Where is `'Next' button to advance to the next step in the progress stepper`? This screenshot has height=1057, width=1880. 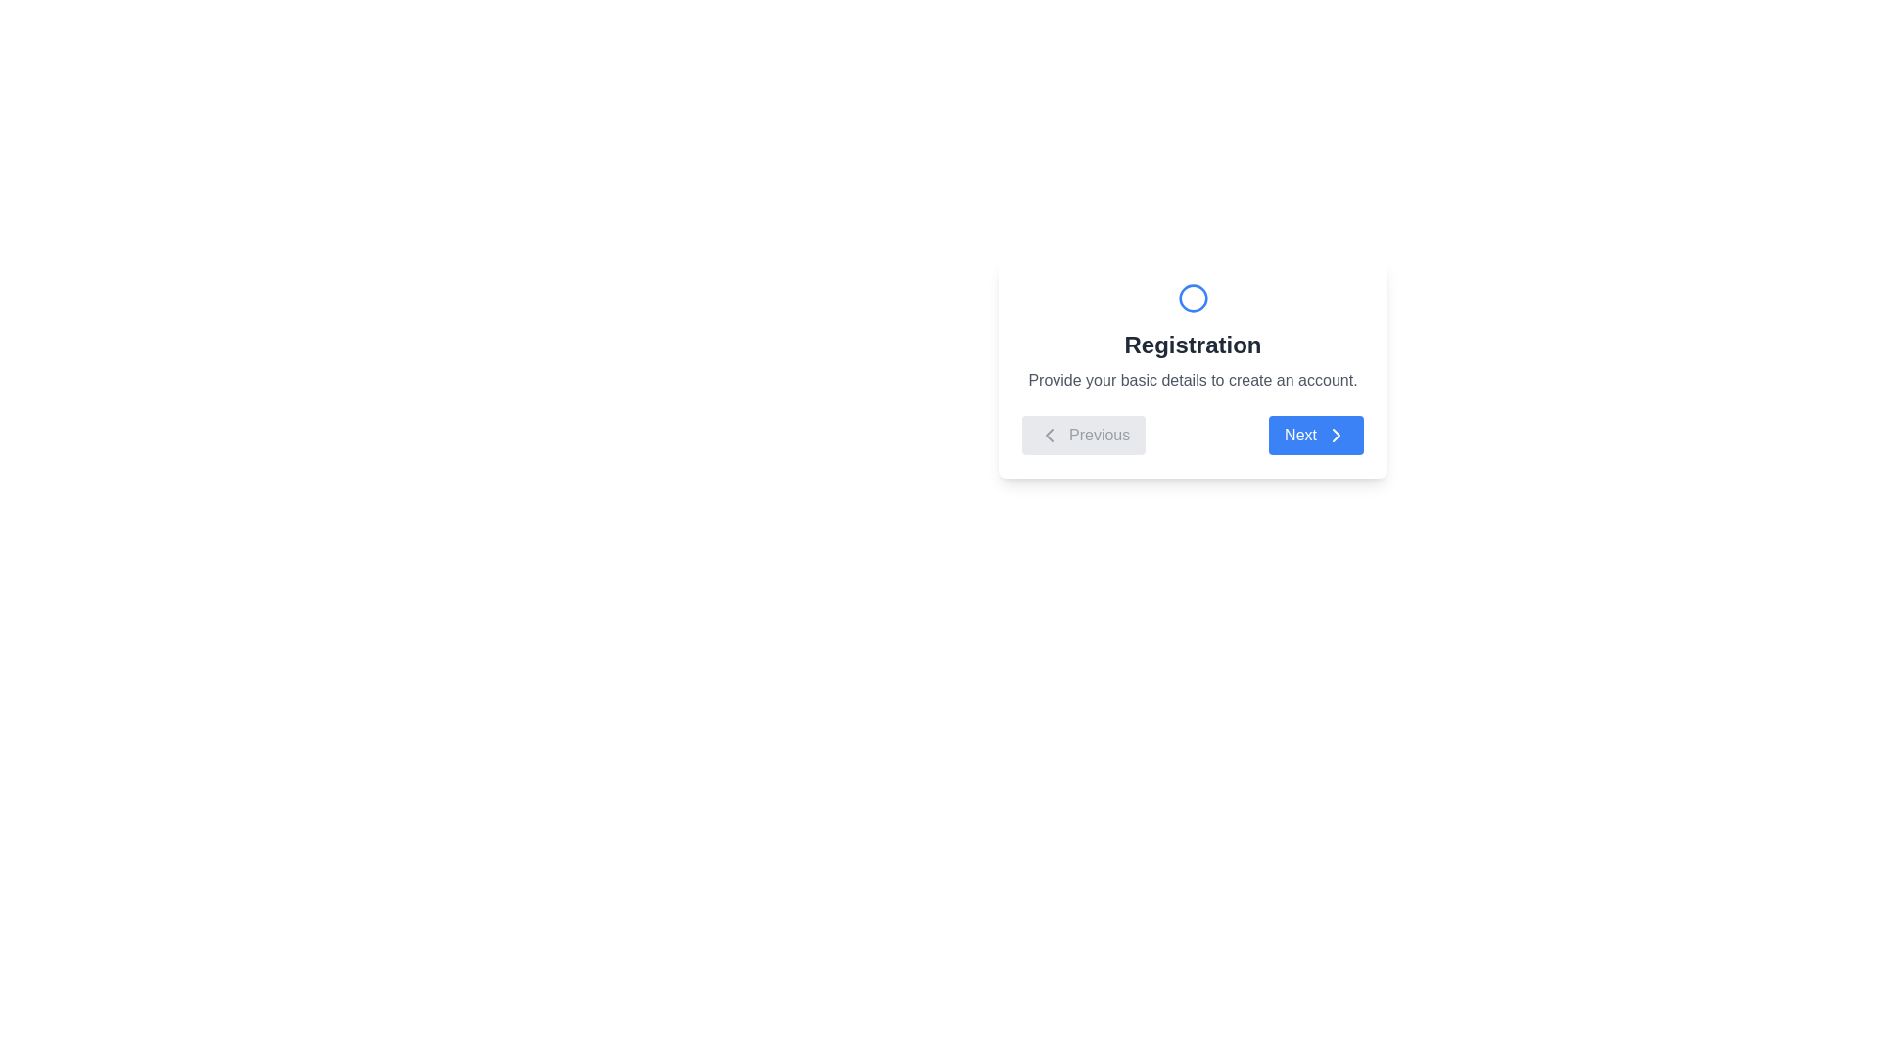
'Next' button to advance to the next step in the progress stepper is located at coordinates (1316, 434).